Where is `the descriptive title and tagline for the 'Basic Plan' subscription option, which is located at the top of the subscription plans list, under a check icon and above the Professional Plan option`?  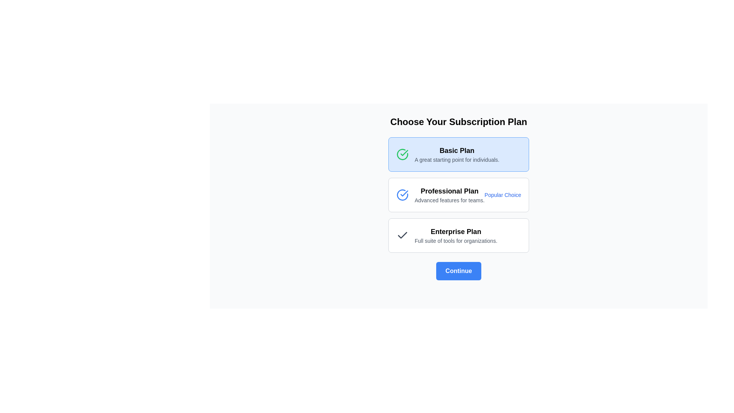 the descriptive title and tagline for the 'Basic Plan' subscription option, which is located at the top of the subscription plans list, under a check icon and above the Professional Plan option is located at coordinates (457, 154).